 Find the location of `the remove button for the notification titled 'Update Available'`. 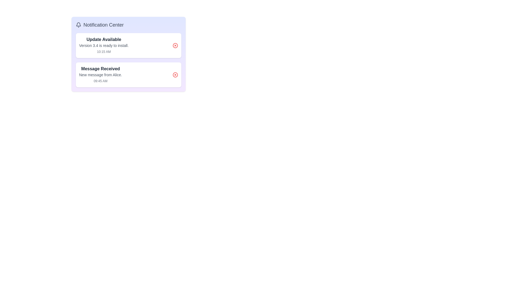

the remove button for the notification titled 'Update Available' is located at coordinates (175, 45).